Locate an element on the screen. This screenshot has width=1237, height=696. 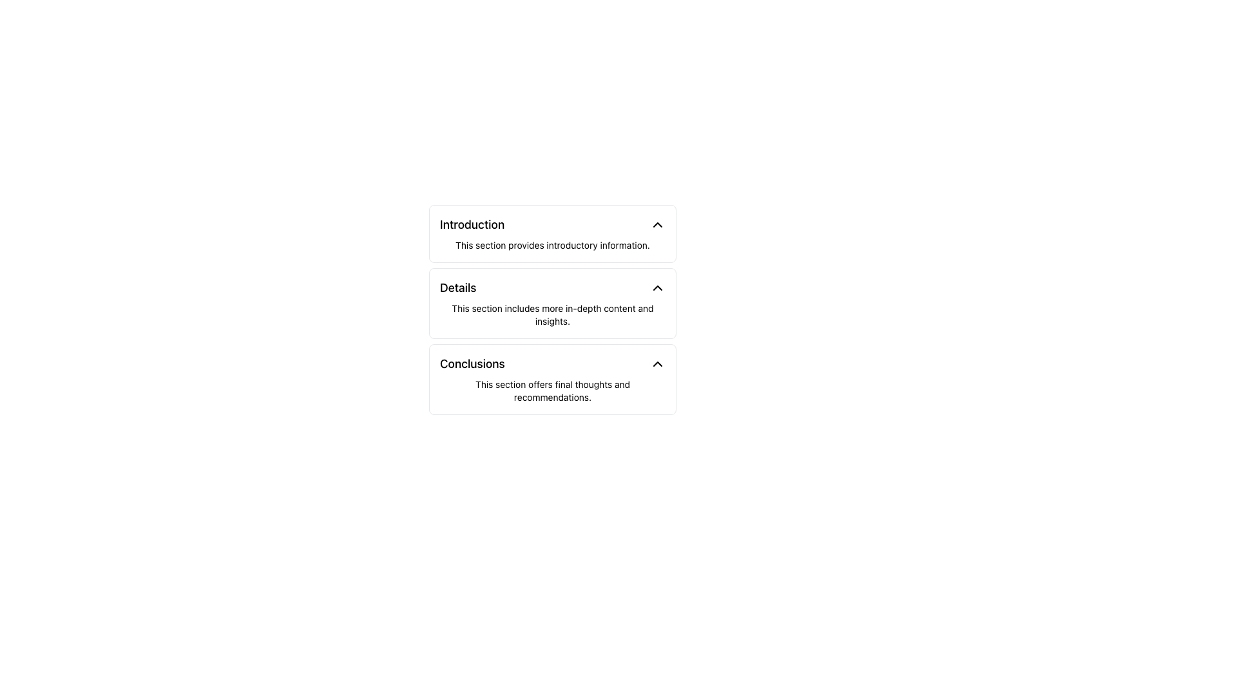
the upward-pointing chevron icon with a black outline located to the right of the 'Details' heading is located at coordinates (658, 287).